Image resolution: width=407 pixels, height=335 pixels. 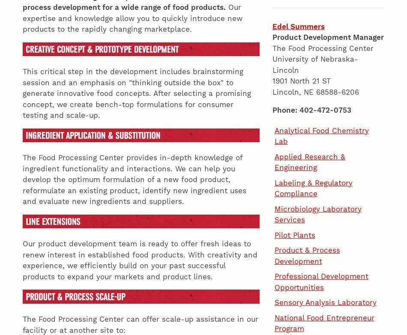 I want to click on 'Professional Development Opportunities', so click(x=320, y=146).